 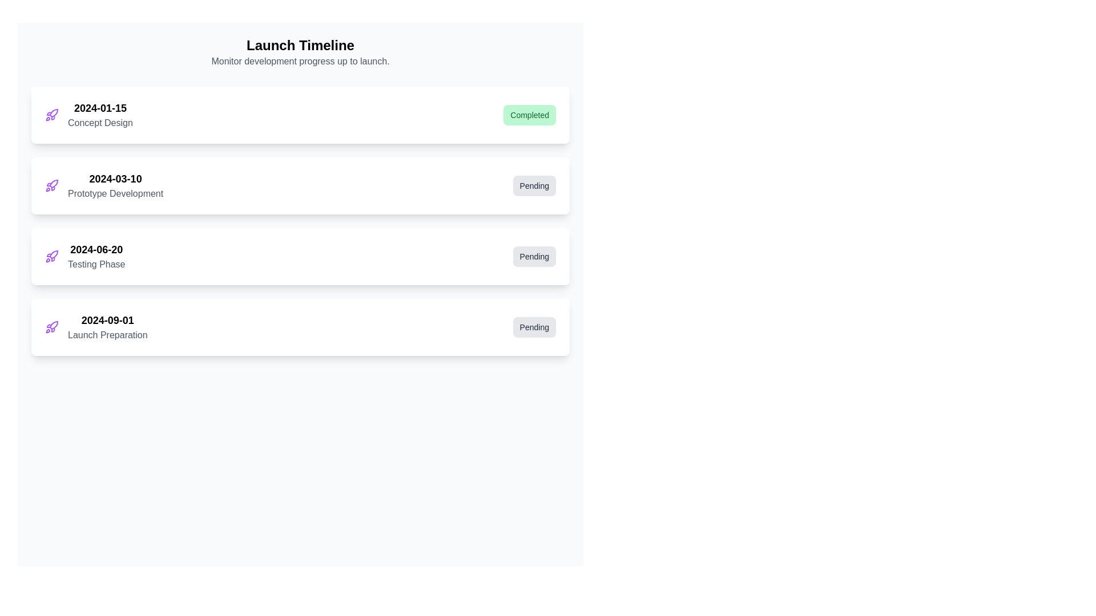 What do you see at coordinates (84, 257) in the screenshot?
I see `text of the project milestone entry represented by the List Item with Icon and Text located in the third card from the top of the vertical timeline layout` at bounding box center [84, 257].